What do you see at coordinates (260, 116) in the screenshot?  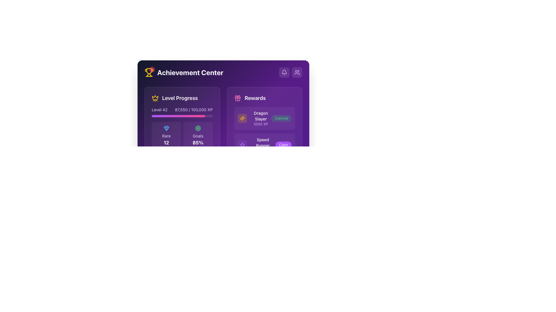 I see `the static text display labeled 'Dragon Slayer' in bold white font against a purple background, located in the 'Rewards' section` at bounding box center [260, 116].